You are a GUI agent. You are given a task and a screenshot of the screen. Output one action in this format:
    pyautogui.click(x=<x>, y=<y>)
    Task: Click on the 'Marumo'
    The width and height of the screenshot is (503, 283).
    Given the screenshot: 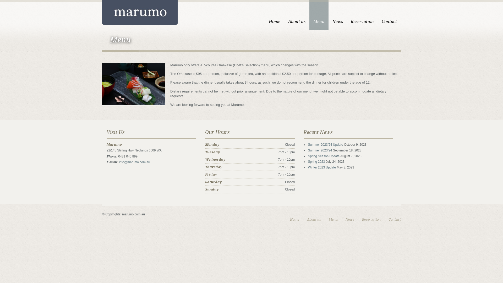 What is the action you would take?
    pyautogui.click(x=140, y=12)
    